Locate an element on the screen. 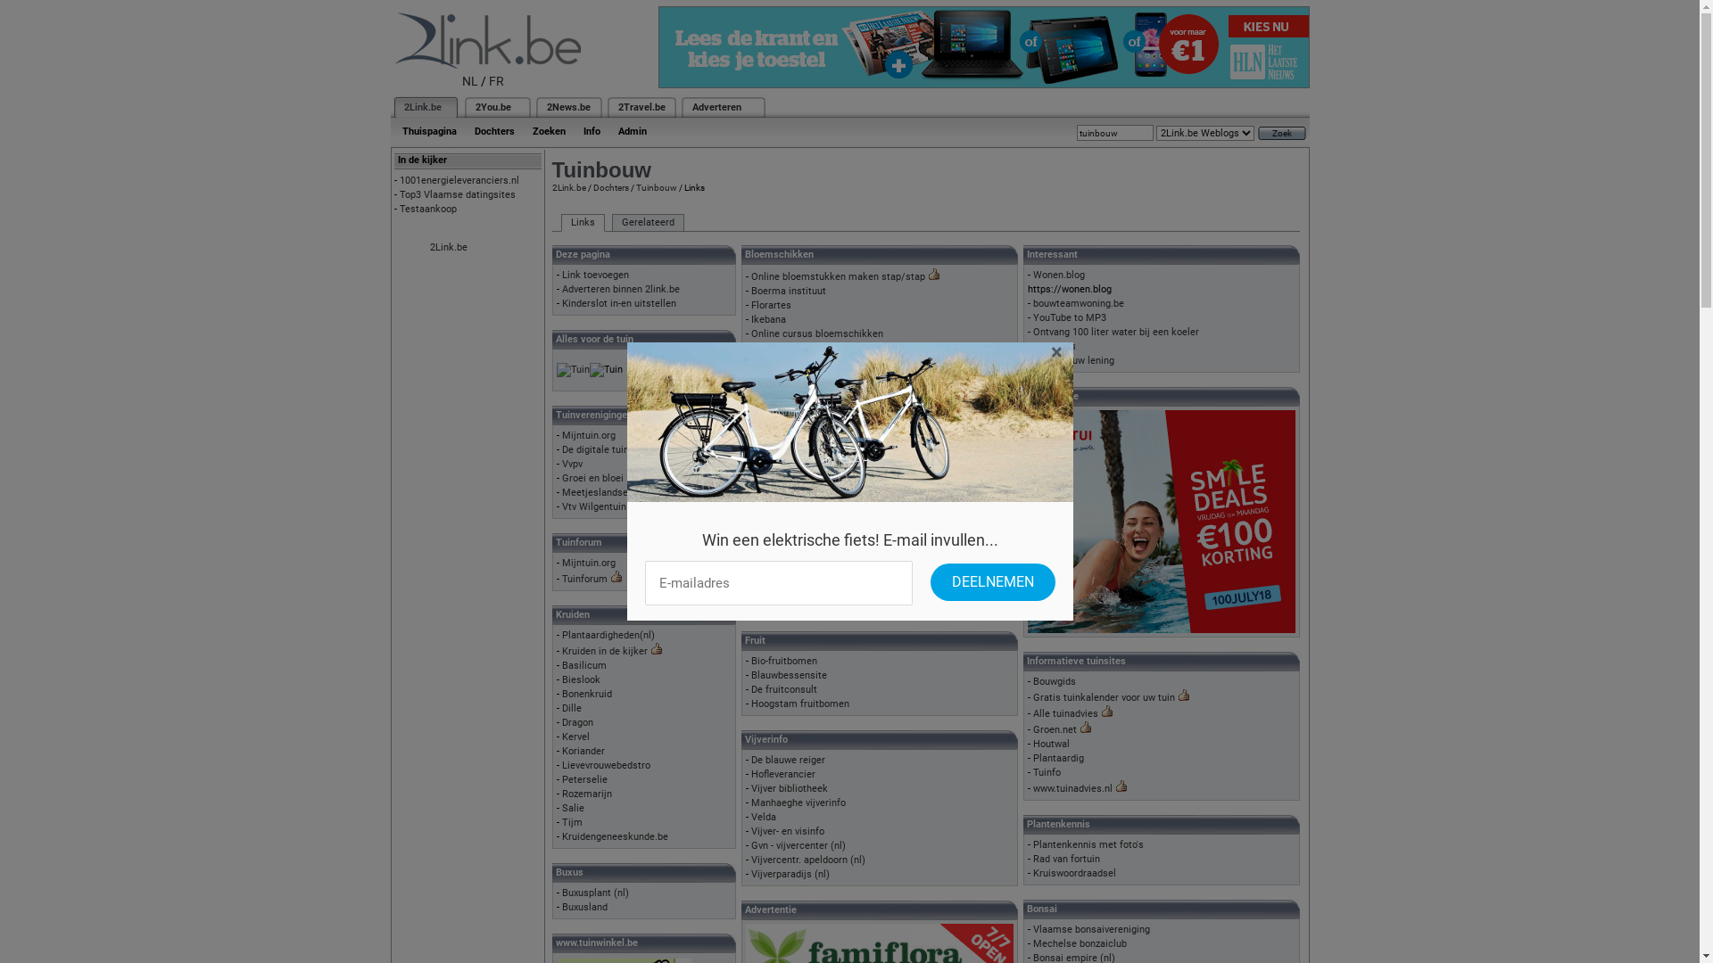  'Gratis tuinkalender voor uw tuin' is located at coordinates (1103, 696).